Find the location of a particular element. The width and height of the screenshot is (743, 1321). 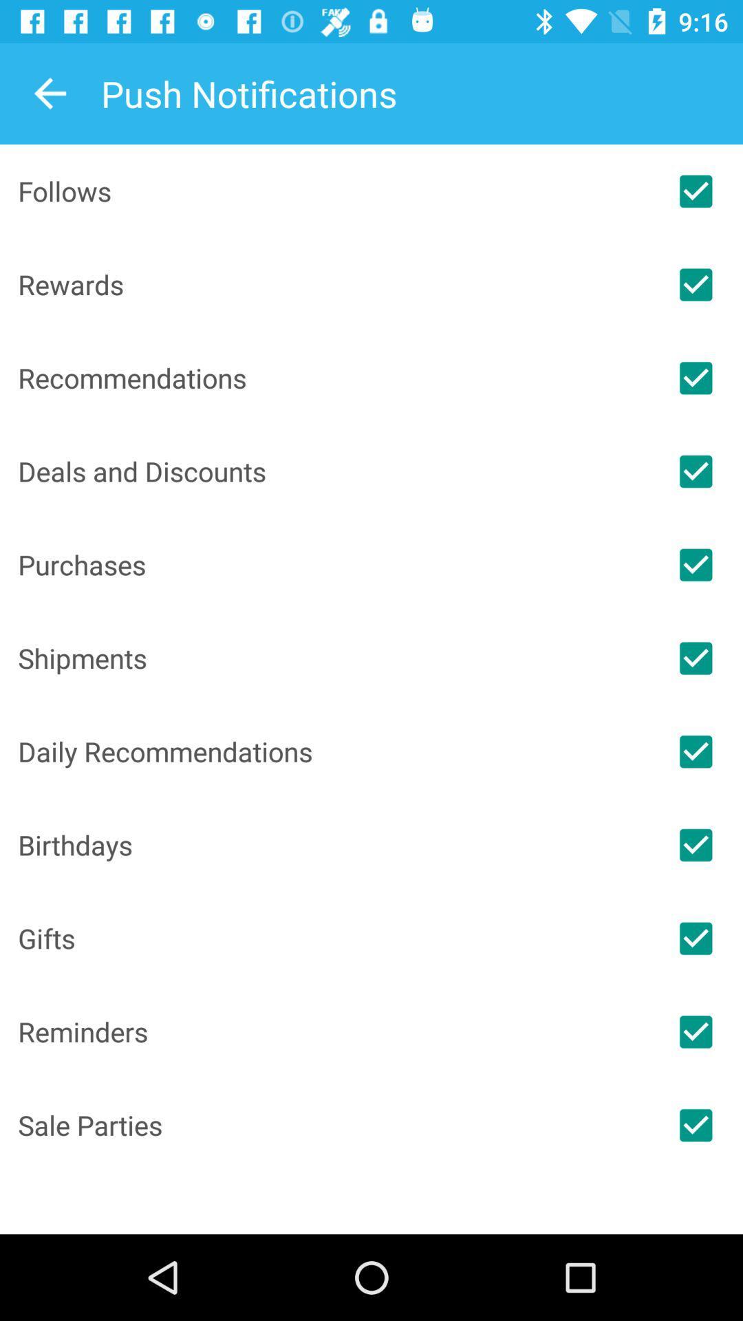

rewards notification is located at coordinates (696, 283).